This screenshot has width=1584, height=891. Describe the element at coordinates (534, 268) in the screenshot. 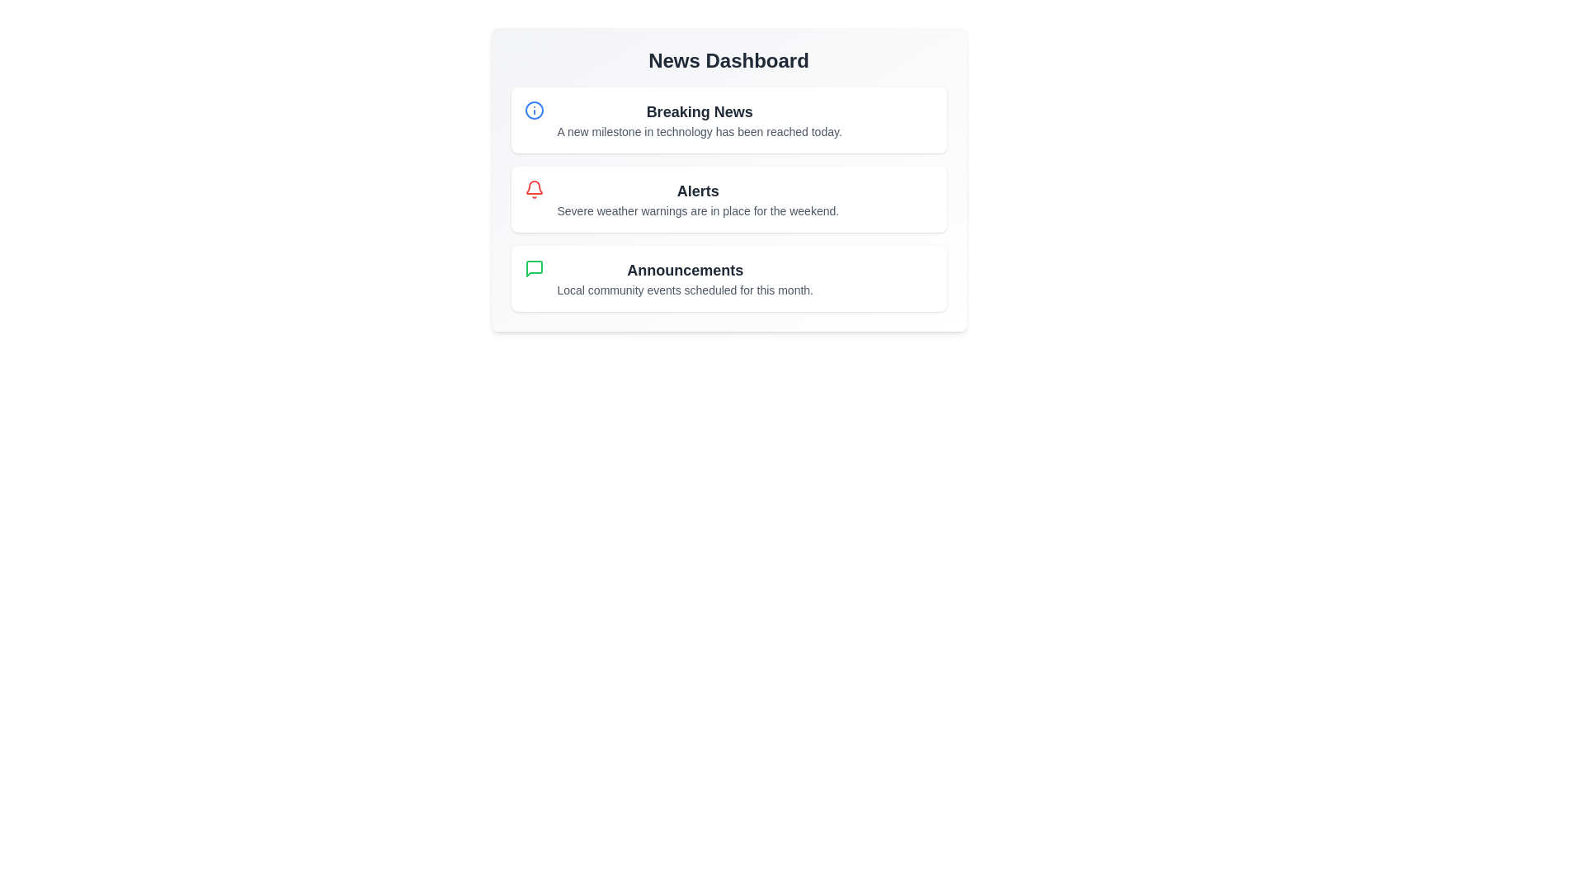

I see `the icon for the third news item` at that location.